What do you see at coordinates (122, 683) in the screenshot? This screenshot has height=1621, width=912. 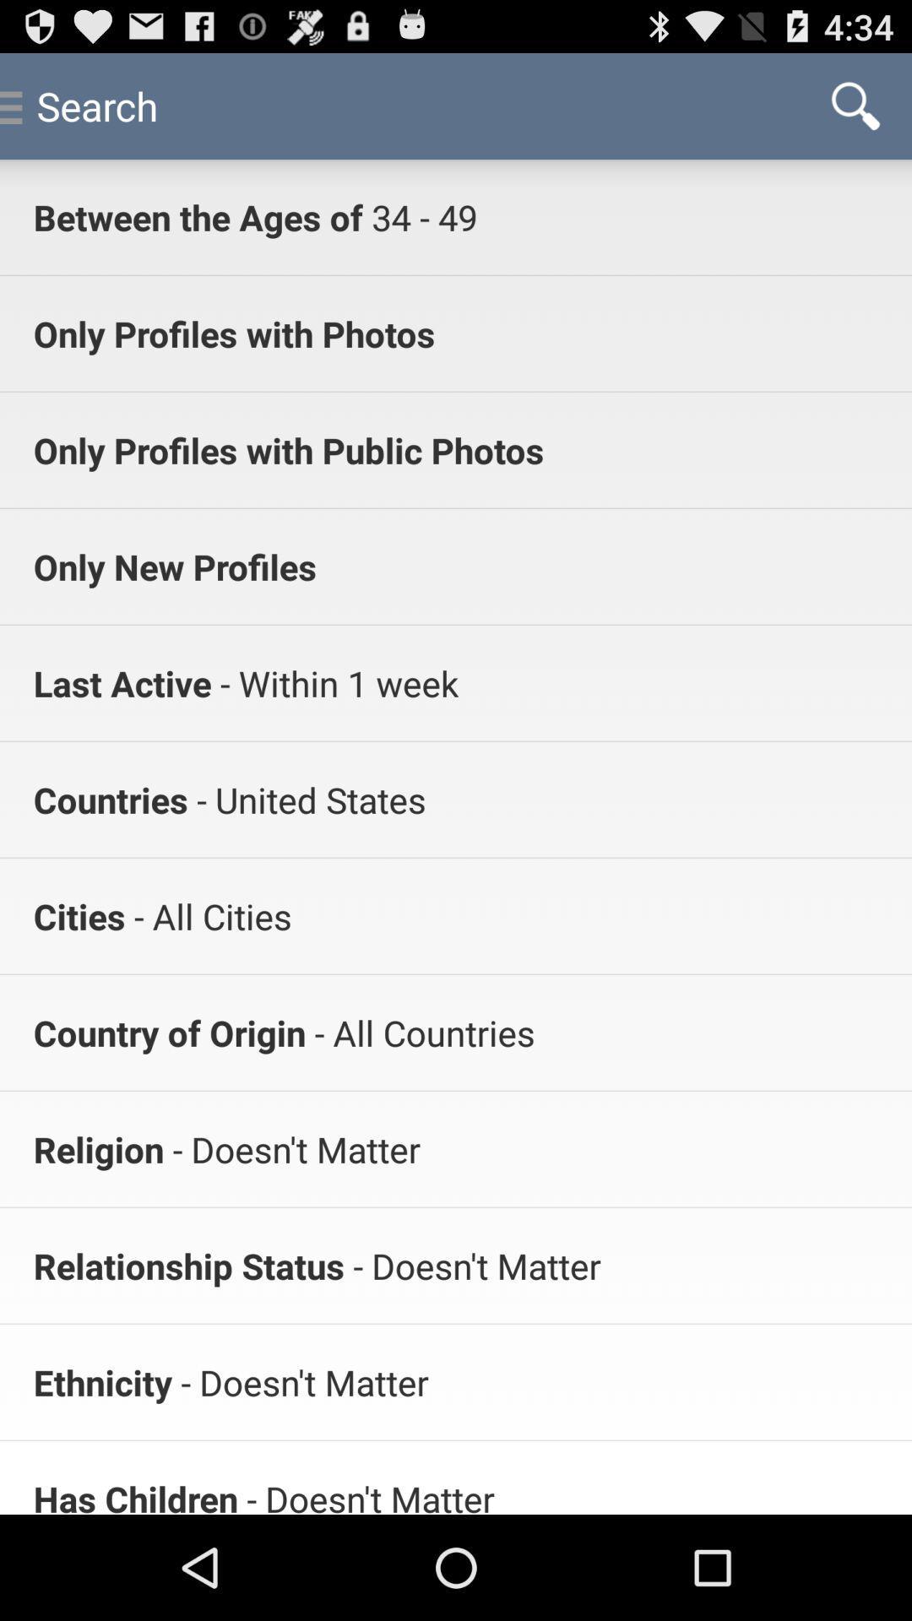 I see `last active item` at bounding box center [122, 683].